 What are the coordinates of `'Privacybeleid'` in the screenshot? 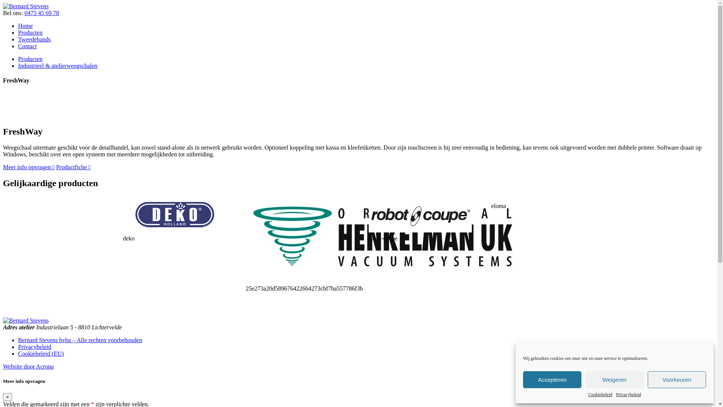 It's located at (628, 394).